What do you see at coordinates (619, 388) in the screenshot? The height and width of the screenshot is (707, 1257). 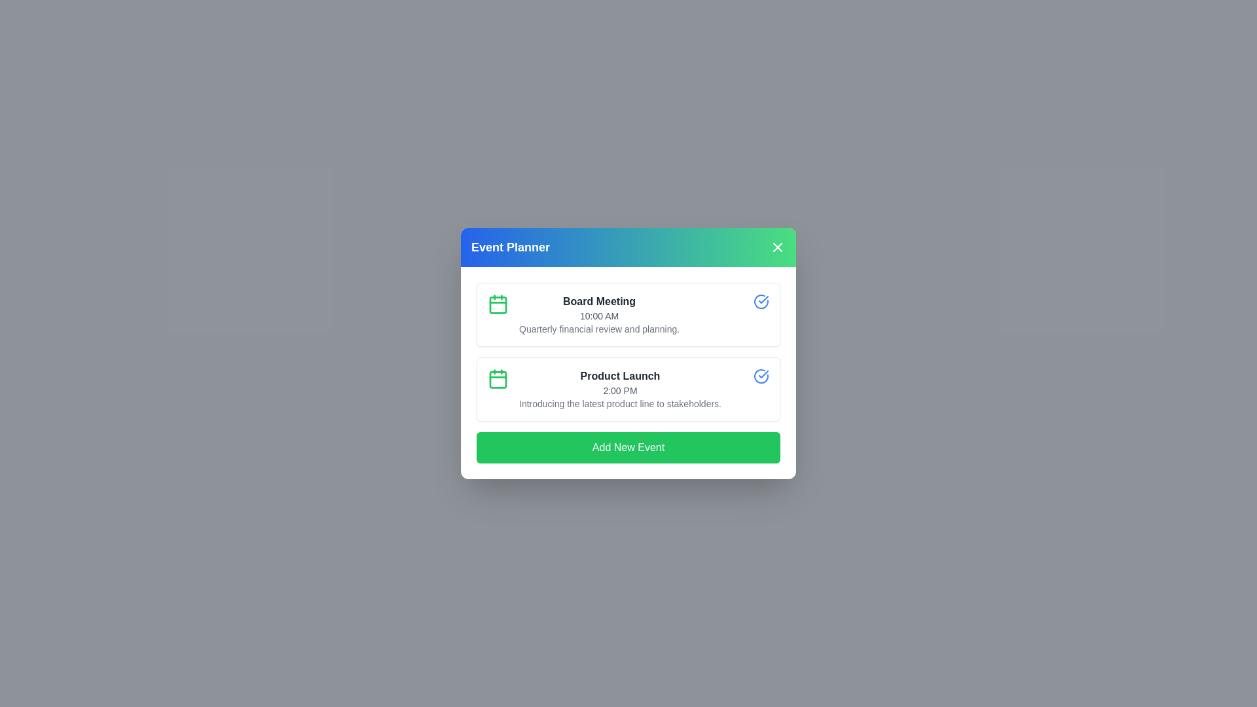 I see `the informational list item for the event titled 'Product Launch' within the 'Event Planner' modal dialog box` at bounding box center [619, 388].